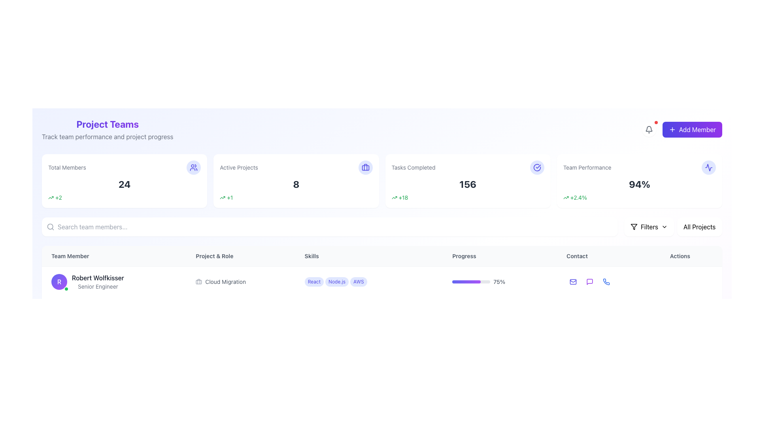  I want to click on the first skill label in the 'Skills' column of the table, which signifies a particular skill or attribute associated with the team member, so click(313, 282).